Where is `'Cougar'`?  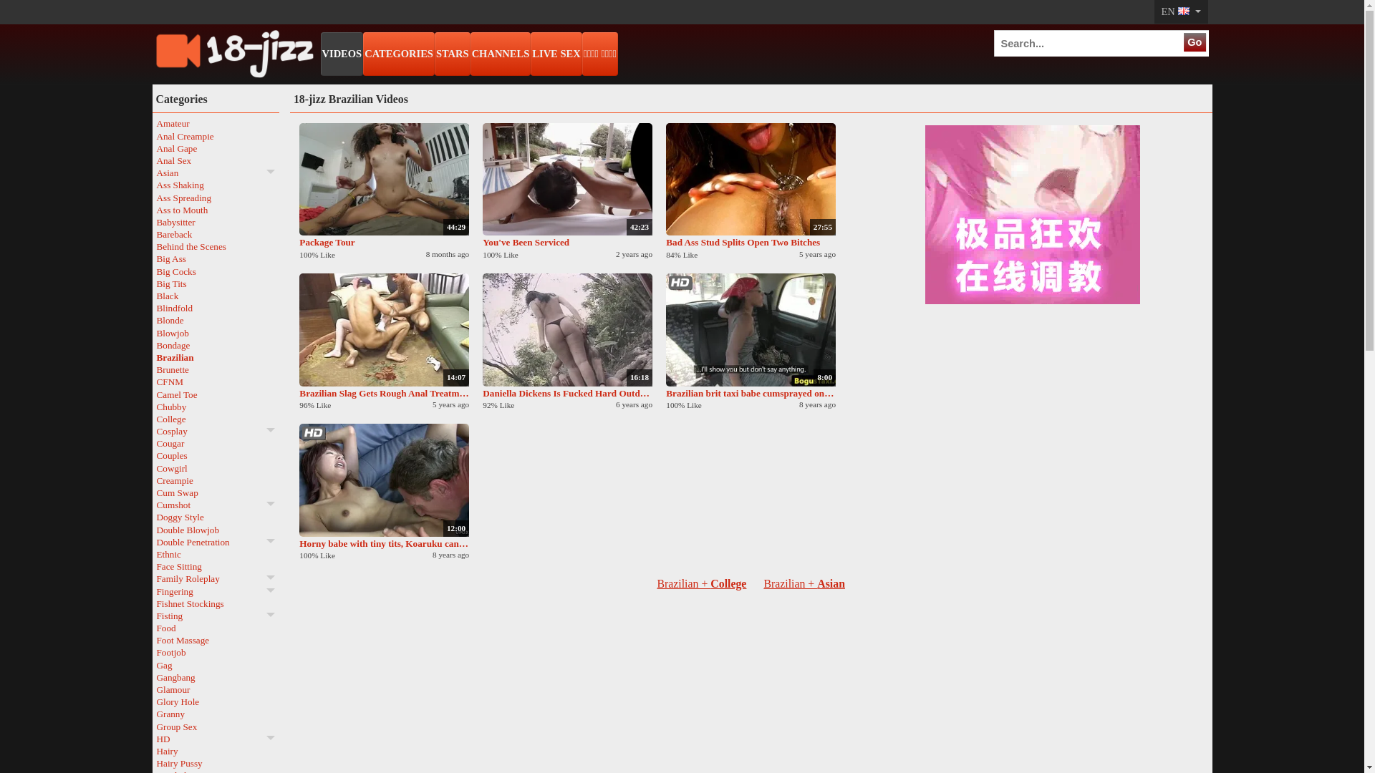
'Cougar' is located at coordinates (215, 442).